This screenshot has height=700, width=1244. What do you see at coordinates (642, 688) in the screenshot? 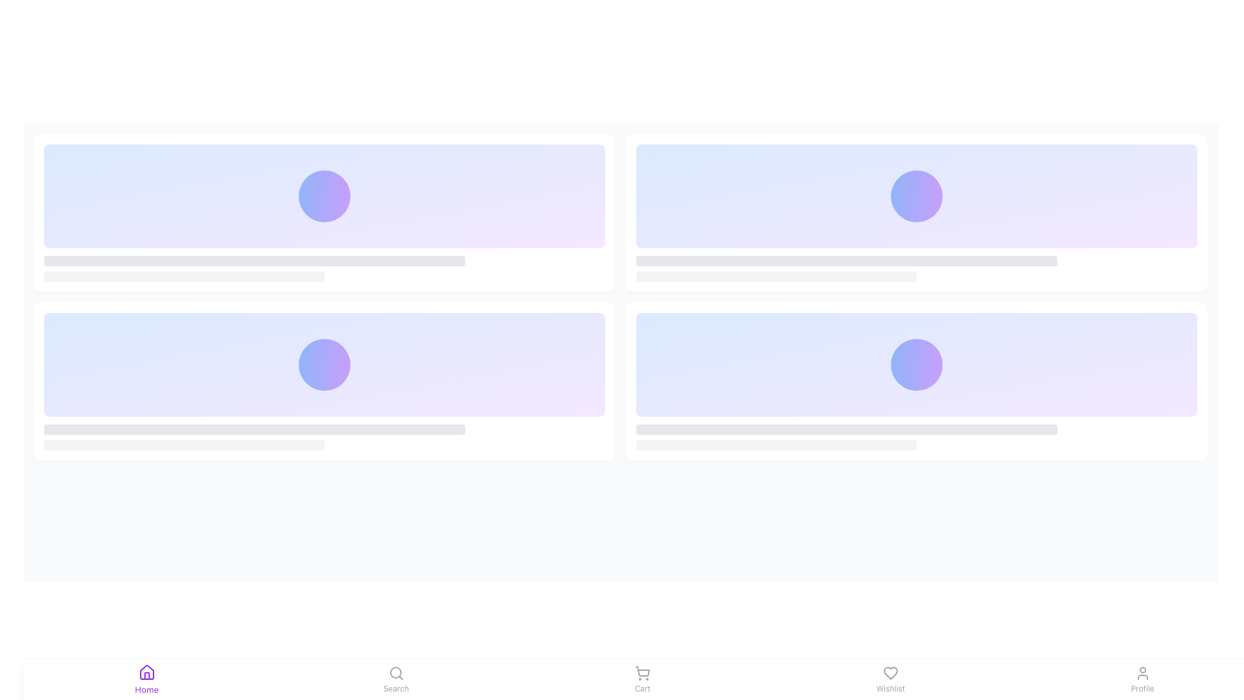
I see `the Text Label that indicates the shopping cart functionality in the bottom navigation bar` at bounding box center [642, 688].